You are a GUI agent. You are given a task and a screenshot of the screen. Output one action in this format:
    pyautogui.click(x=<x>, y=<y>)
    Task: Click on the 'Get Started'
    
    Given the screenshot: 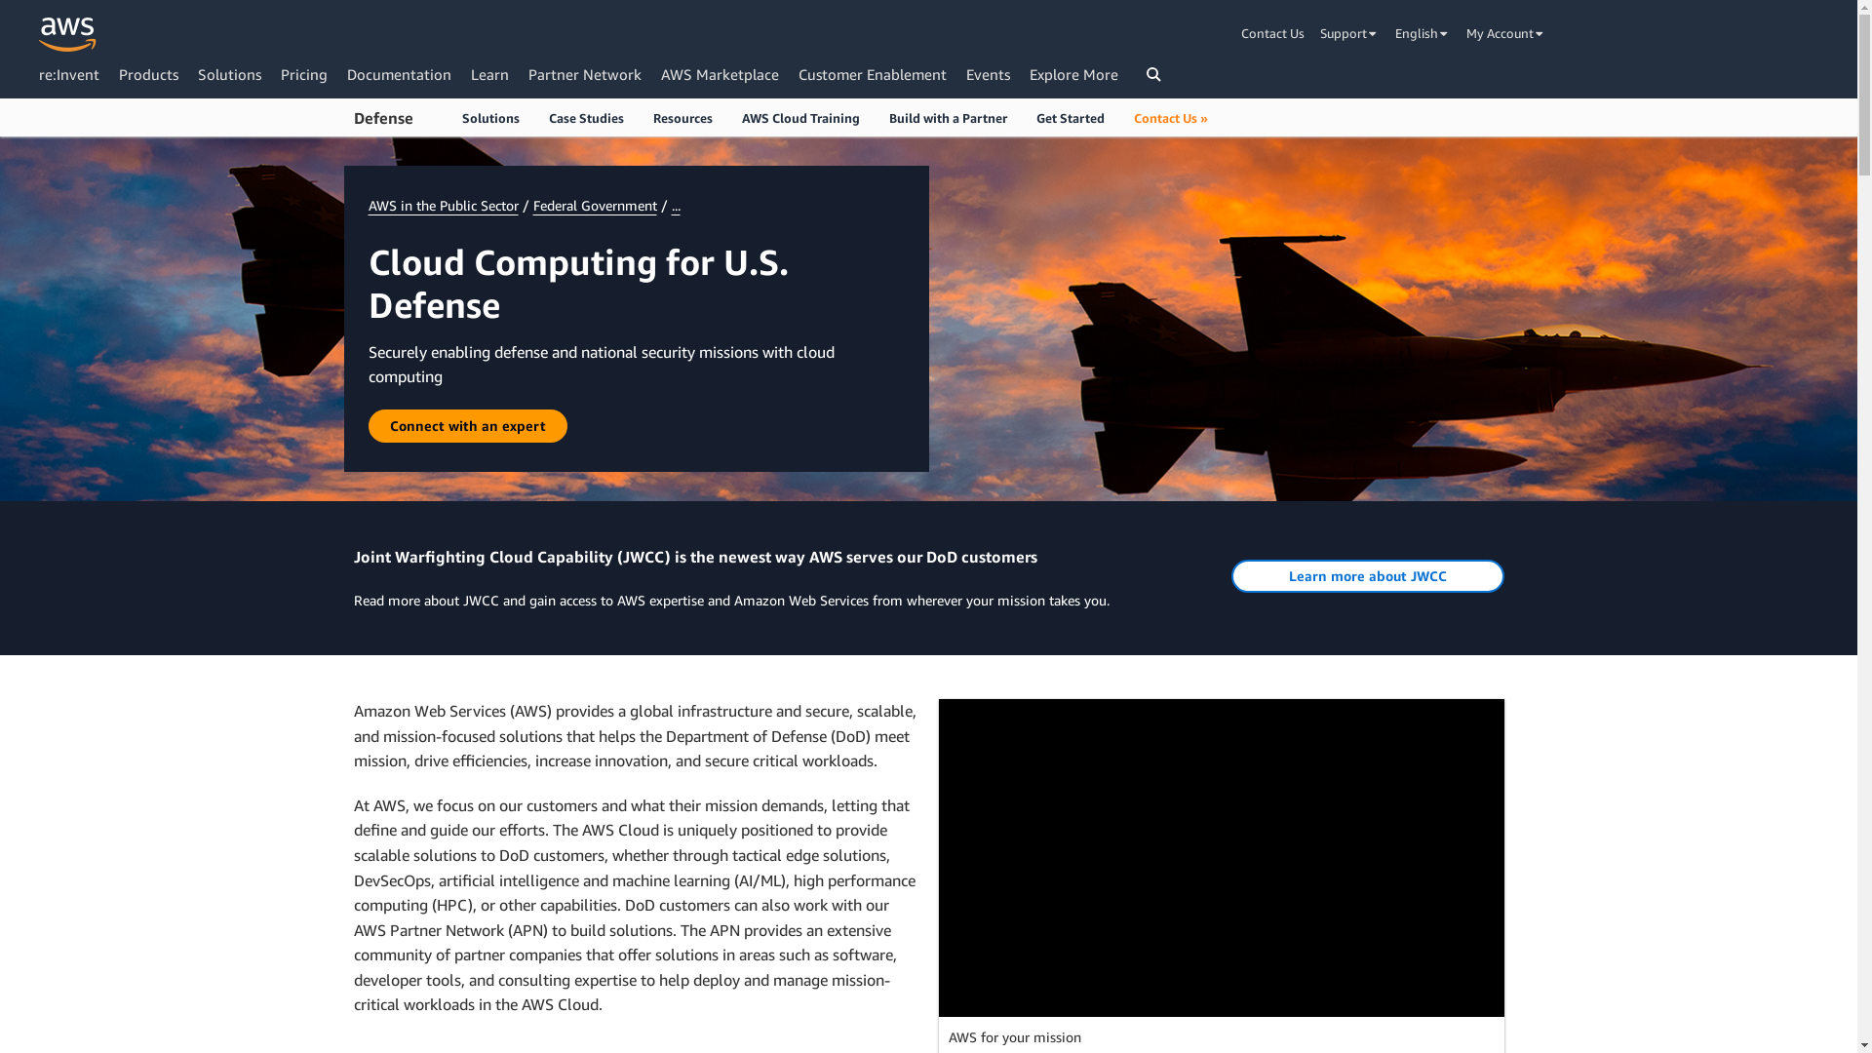 What is the action you would take?
    pyautogui.click(x=1070, y=117)
    